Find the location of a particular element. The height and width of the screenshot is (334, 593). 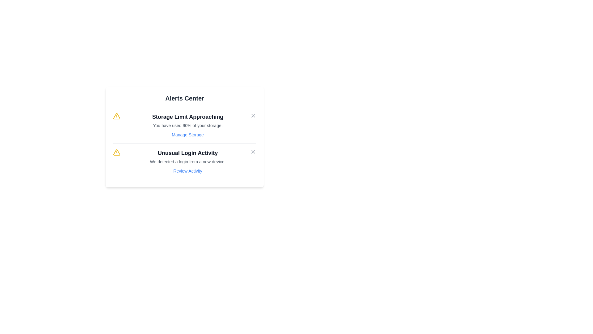

the icon corresponding to warning for the alert titled Storage Limit Approaching is located at coordinates (117, 116).